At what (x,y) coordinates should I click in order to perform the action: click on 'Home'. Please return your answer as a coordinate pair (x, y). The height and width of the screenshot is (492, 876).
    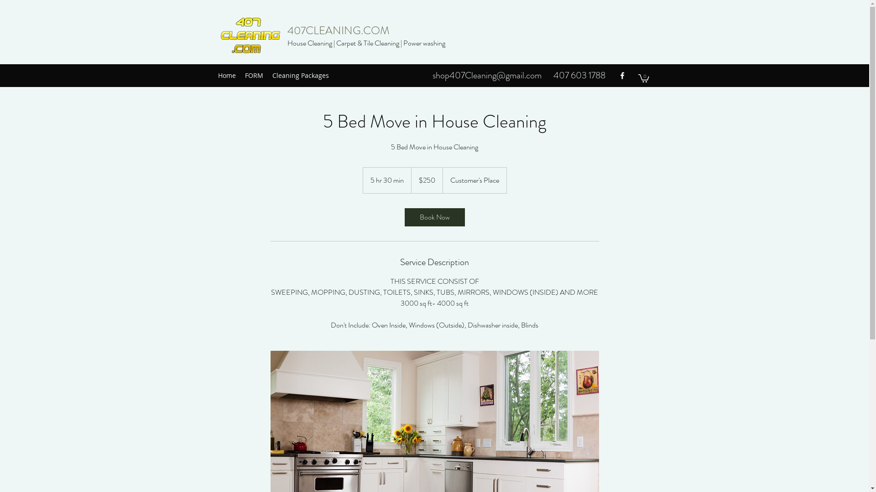
    Looking at the image, I should click on (213, 75).